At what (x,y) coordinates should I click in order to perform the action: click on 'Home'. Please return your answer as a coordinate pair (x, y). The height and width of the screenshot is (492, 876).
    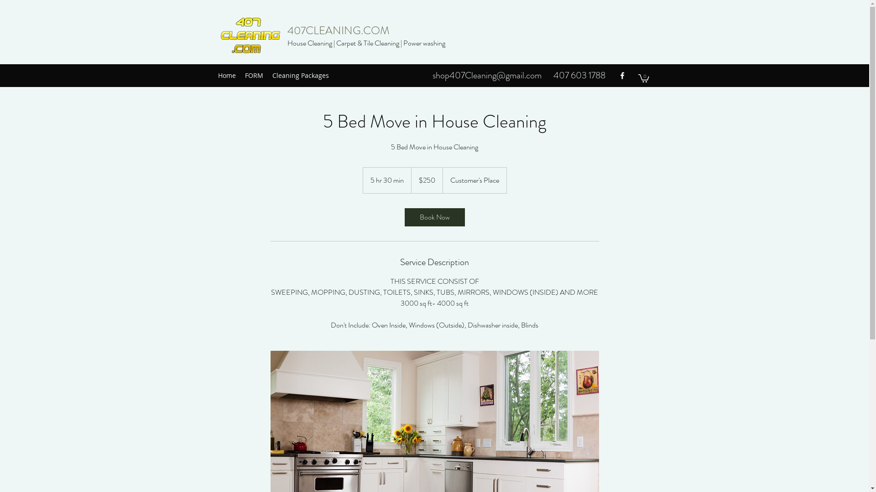
    Looking at the image, I should click on (213, 75).